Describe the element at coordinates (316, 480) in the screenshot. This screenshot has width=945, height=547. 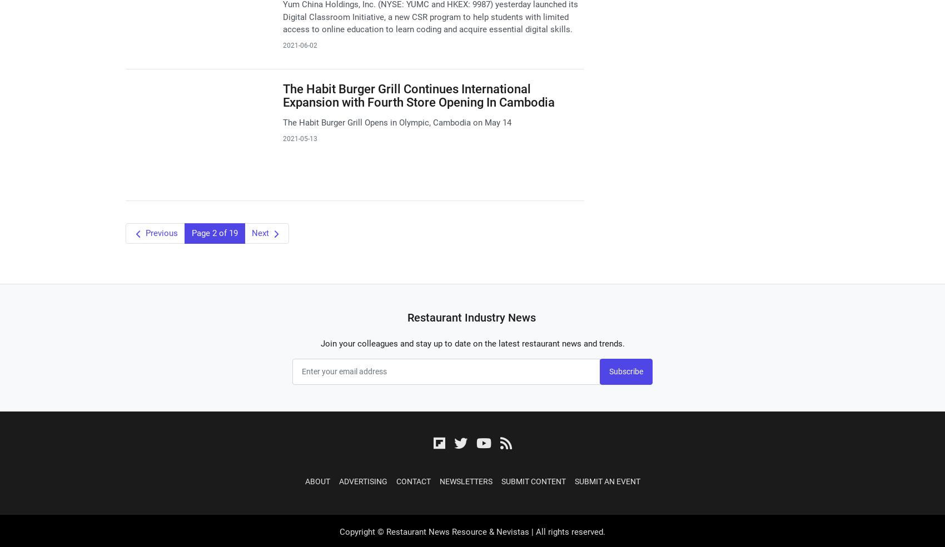
I see `'About'` at that location.